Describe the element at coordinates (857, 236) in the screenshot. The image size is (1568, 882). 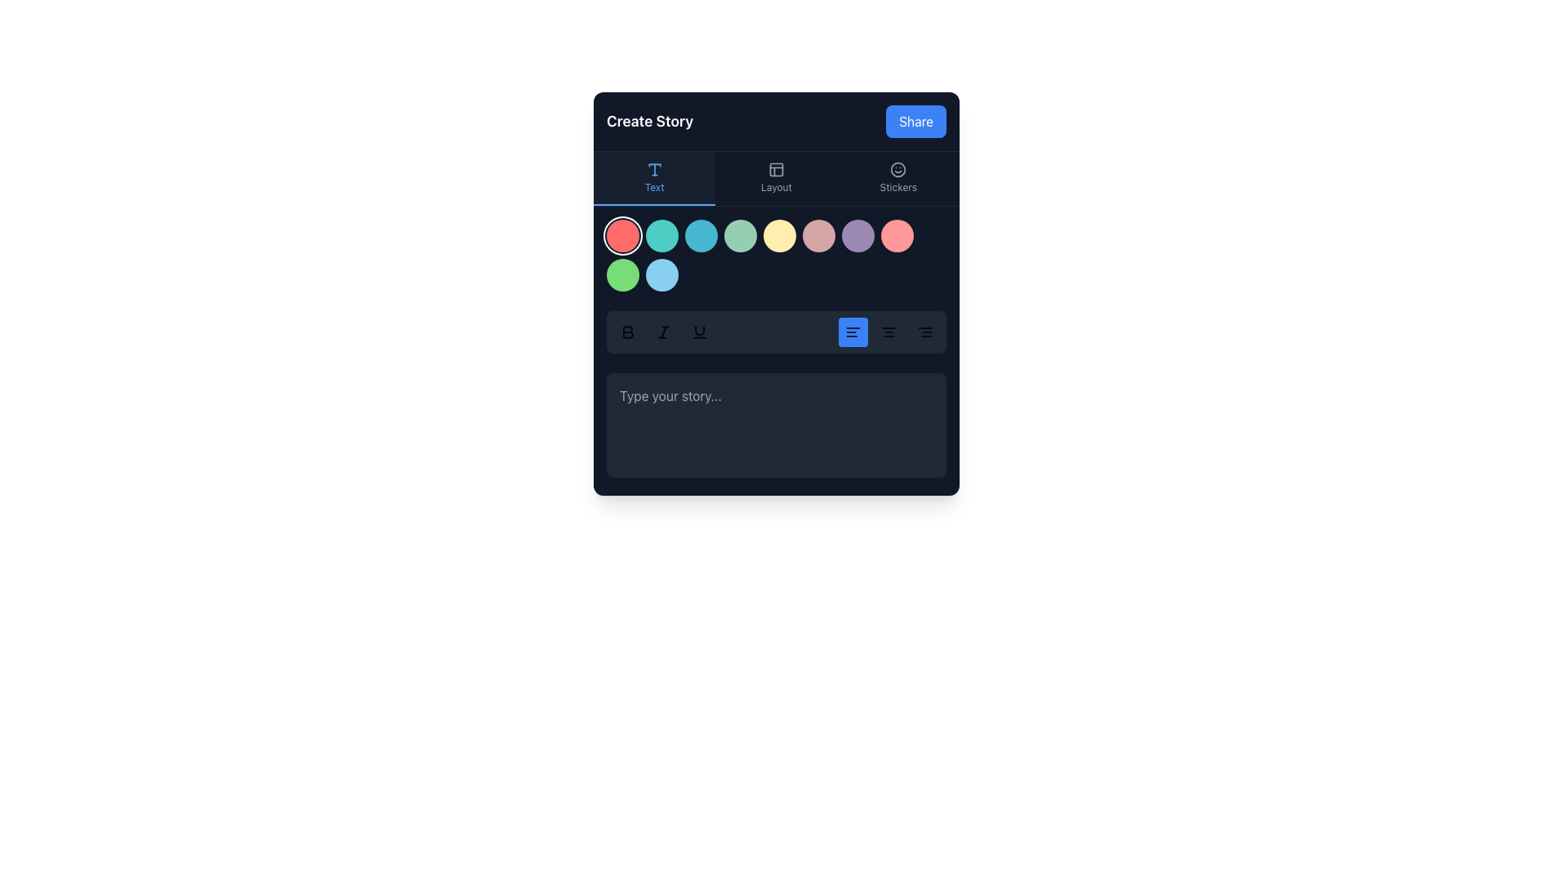
I see `the lavender circular button located in the seventh position of the top row in the grid layout` at that location.